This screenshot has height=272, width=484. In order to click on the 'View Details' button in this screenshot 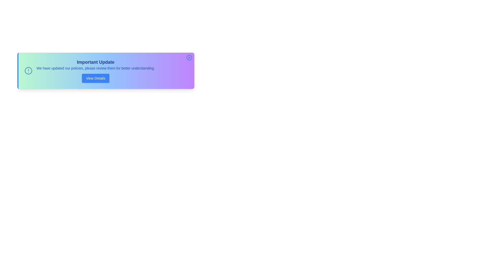, I will do `click(96, 78)`.